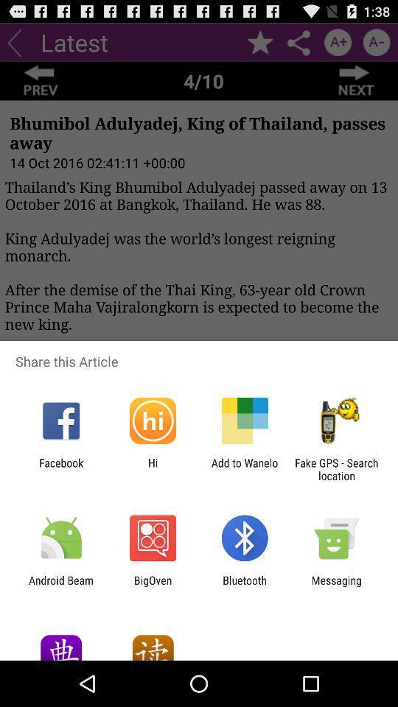  What do you see at coordinates (336, 586) in the screenshot?
I see `icon to the right of the bluetooth item` at bounding box center [336, 586].